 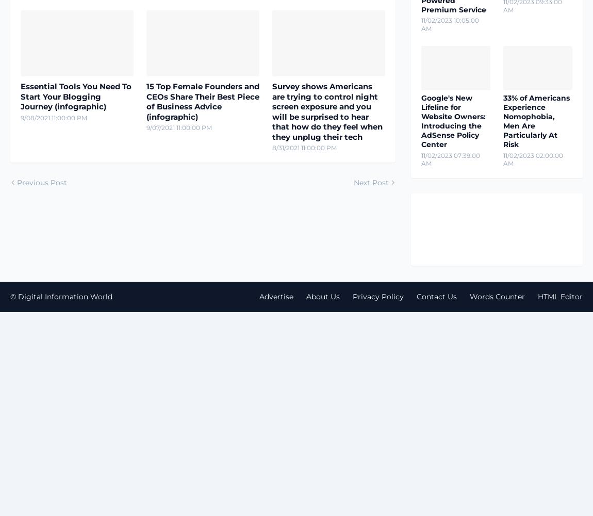 I want to click on 'Previous Post', so click(x=17, y=182).